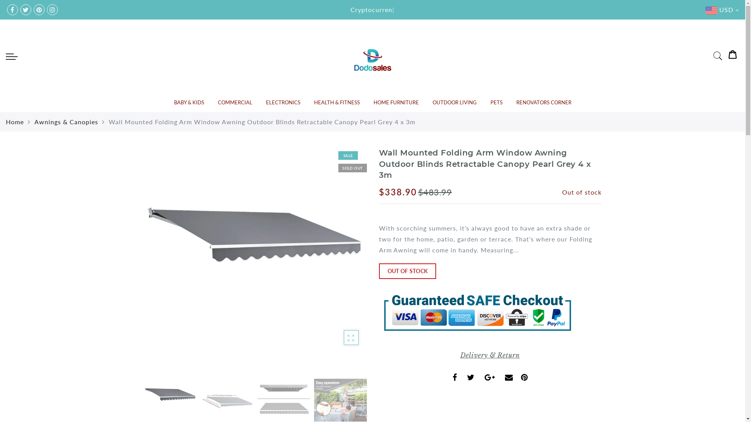 The height and width of the screenshot is (422, 751). What do you see at coordinates (217, 102) in the screenshot?
I see `'COMMERCIAL'` at bounding box center [217, 102].